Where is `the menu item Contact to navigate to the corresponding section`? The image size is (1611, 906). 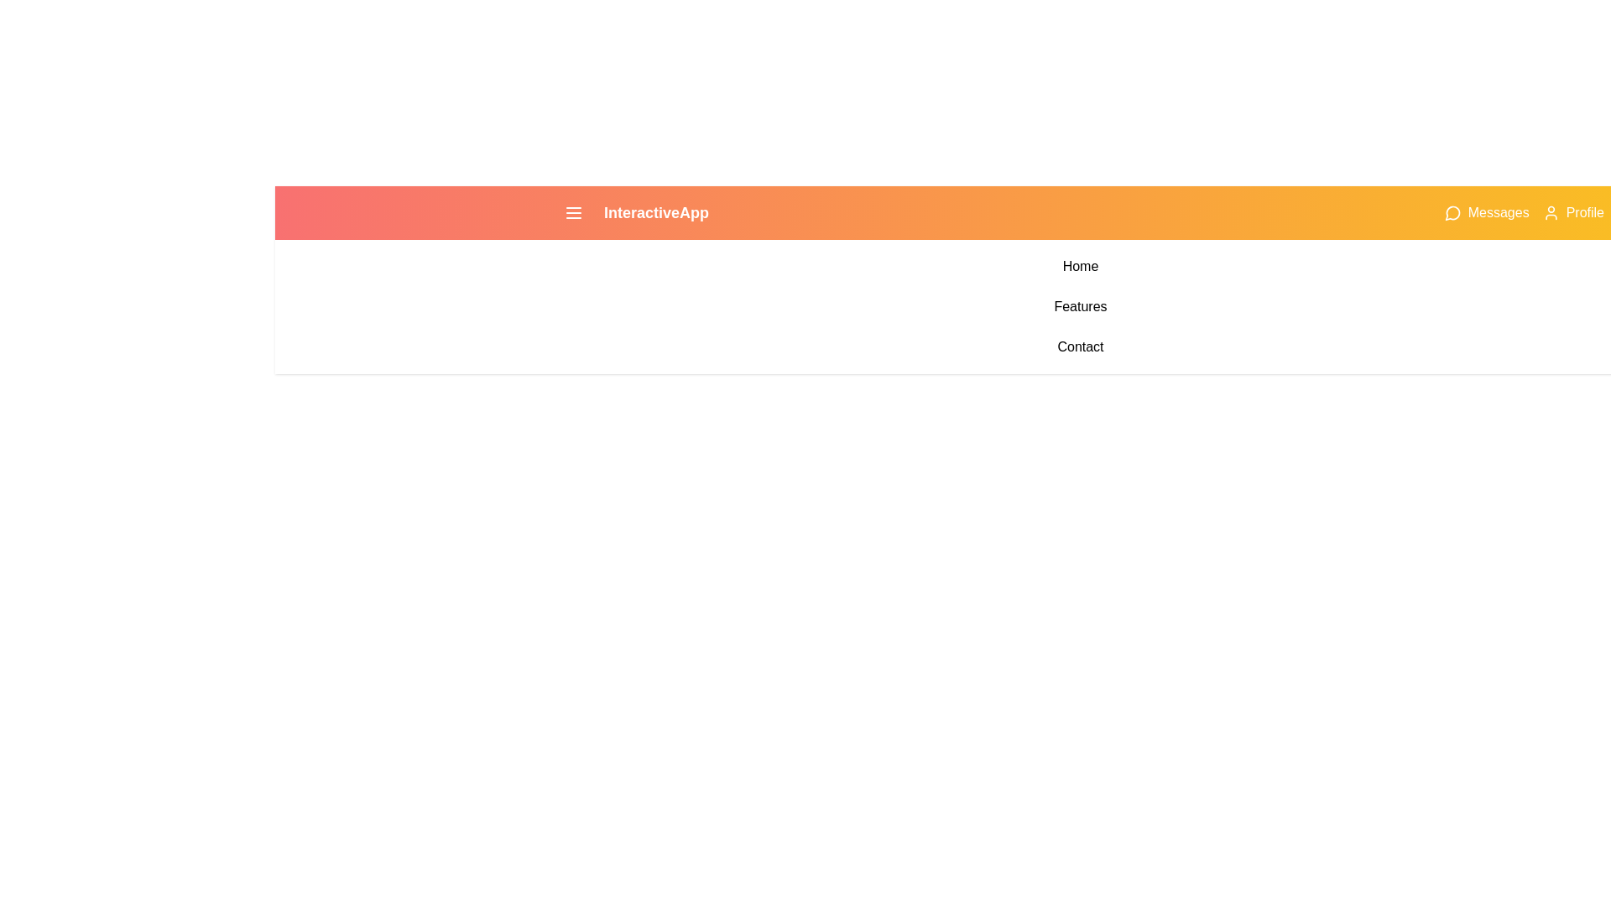
the menu item Contact to navigate to the corresponding section is located at coordinates (1080, 346).